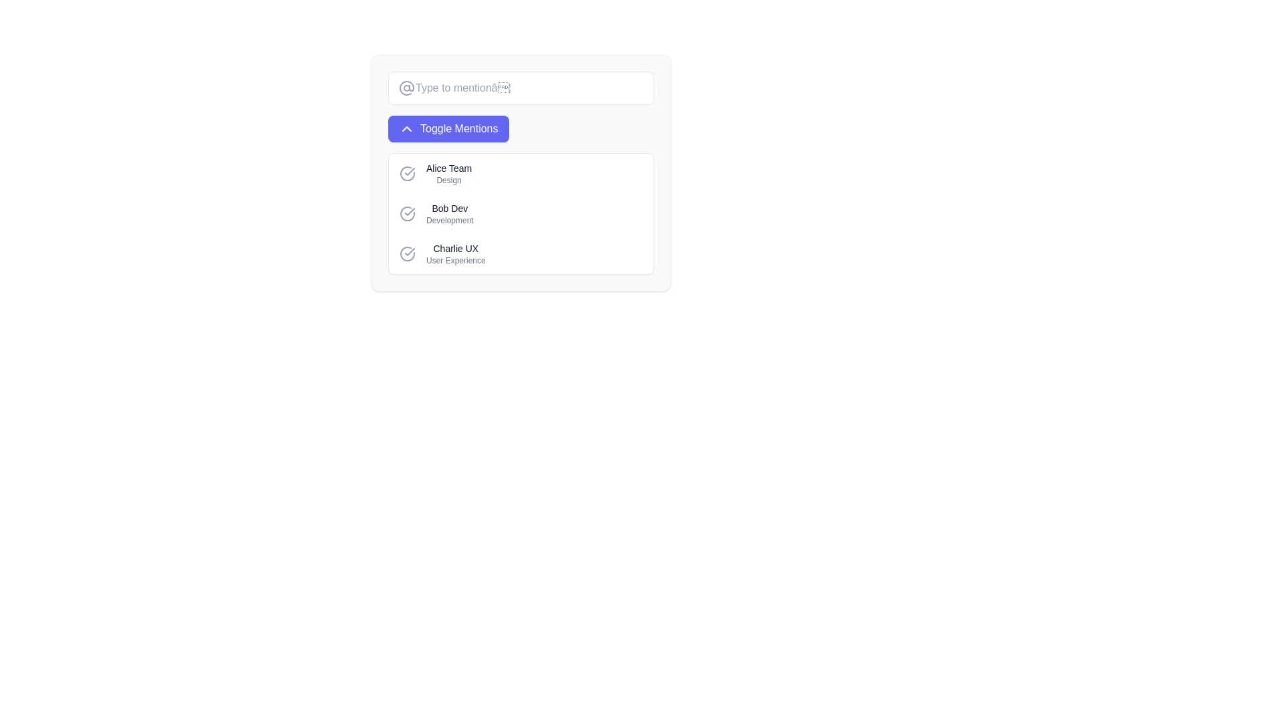  Describe the element at coordinates (449, 180) in the screenshot. I see `the static text label that provides contextual information related to 'Alice Team', located directly below 'Alice Team'` at that location.